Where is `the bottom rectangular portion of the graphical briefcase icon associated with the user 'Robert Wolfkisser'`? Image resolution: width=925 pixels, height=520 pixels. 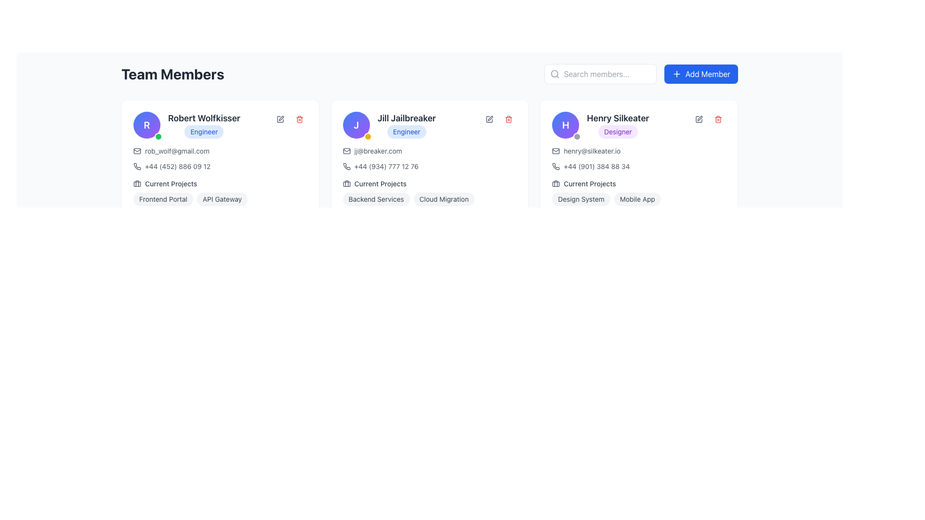
the bottom rectangular portion of the graphical briefcase icon associated with the user 'Robert Wolfkisser' is located at coordinates (136, 183).